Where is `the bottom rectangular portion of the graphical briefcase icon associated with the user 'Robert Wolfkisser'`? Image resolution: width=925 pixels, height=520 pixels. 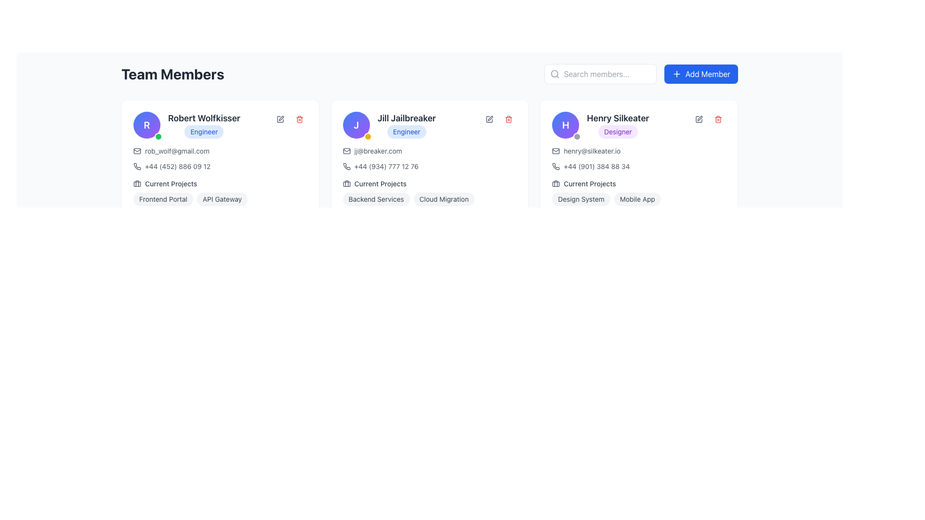
the bottom rectangular portion of the graphical briefcase icon associated with the user 'Robert Wolfkisser' is located at coordinates (136, 183).